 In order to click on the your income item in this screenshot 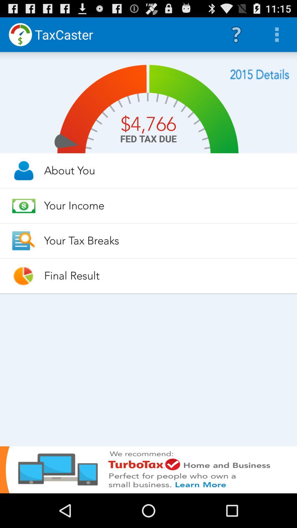, I will do `click(165, 205)`.